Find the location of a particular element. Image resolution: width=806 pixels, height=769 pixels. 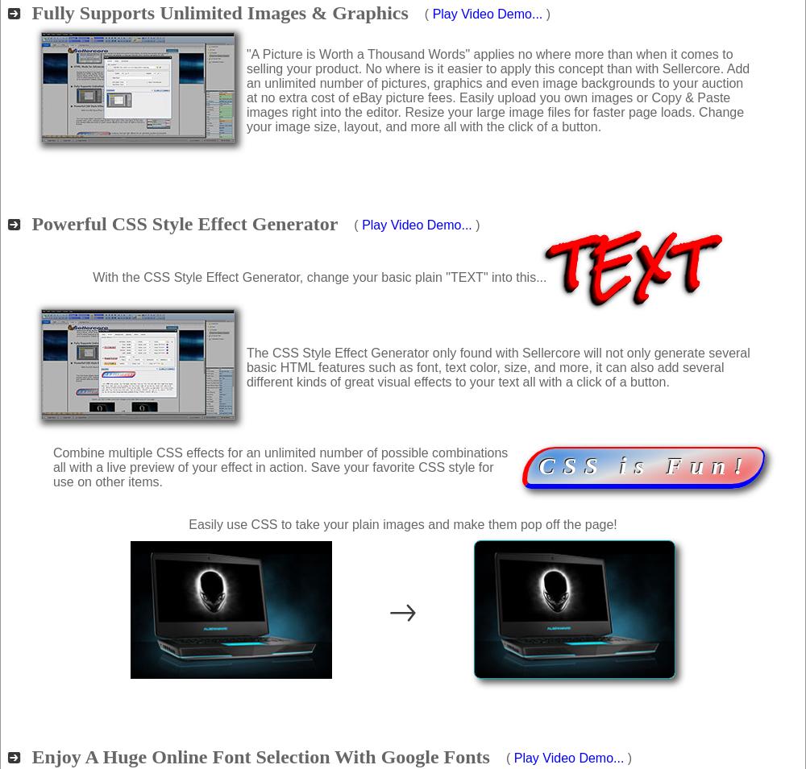

'CSS is Fun!' is located at coordinates (645, 465).